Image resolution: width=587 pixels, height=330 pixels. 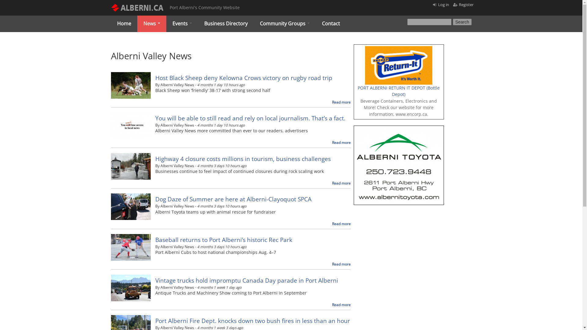 What do you see at coordinates (341, 102) in the screenshot?
I see `'Read more'` at bounding box center [341, 102].